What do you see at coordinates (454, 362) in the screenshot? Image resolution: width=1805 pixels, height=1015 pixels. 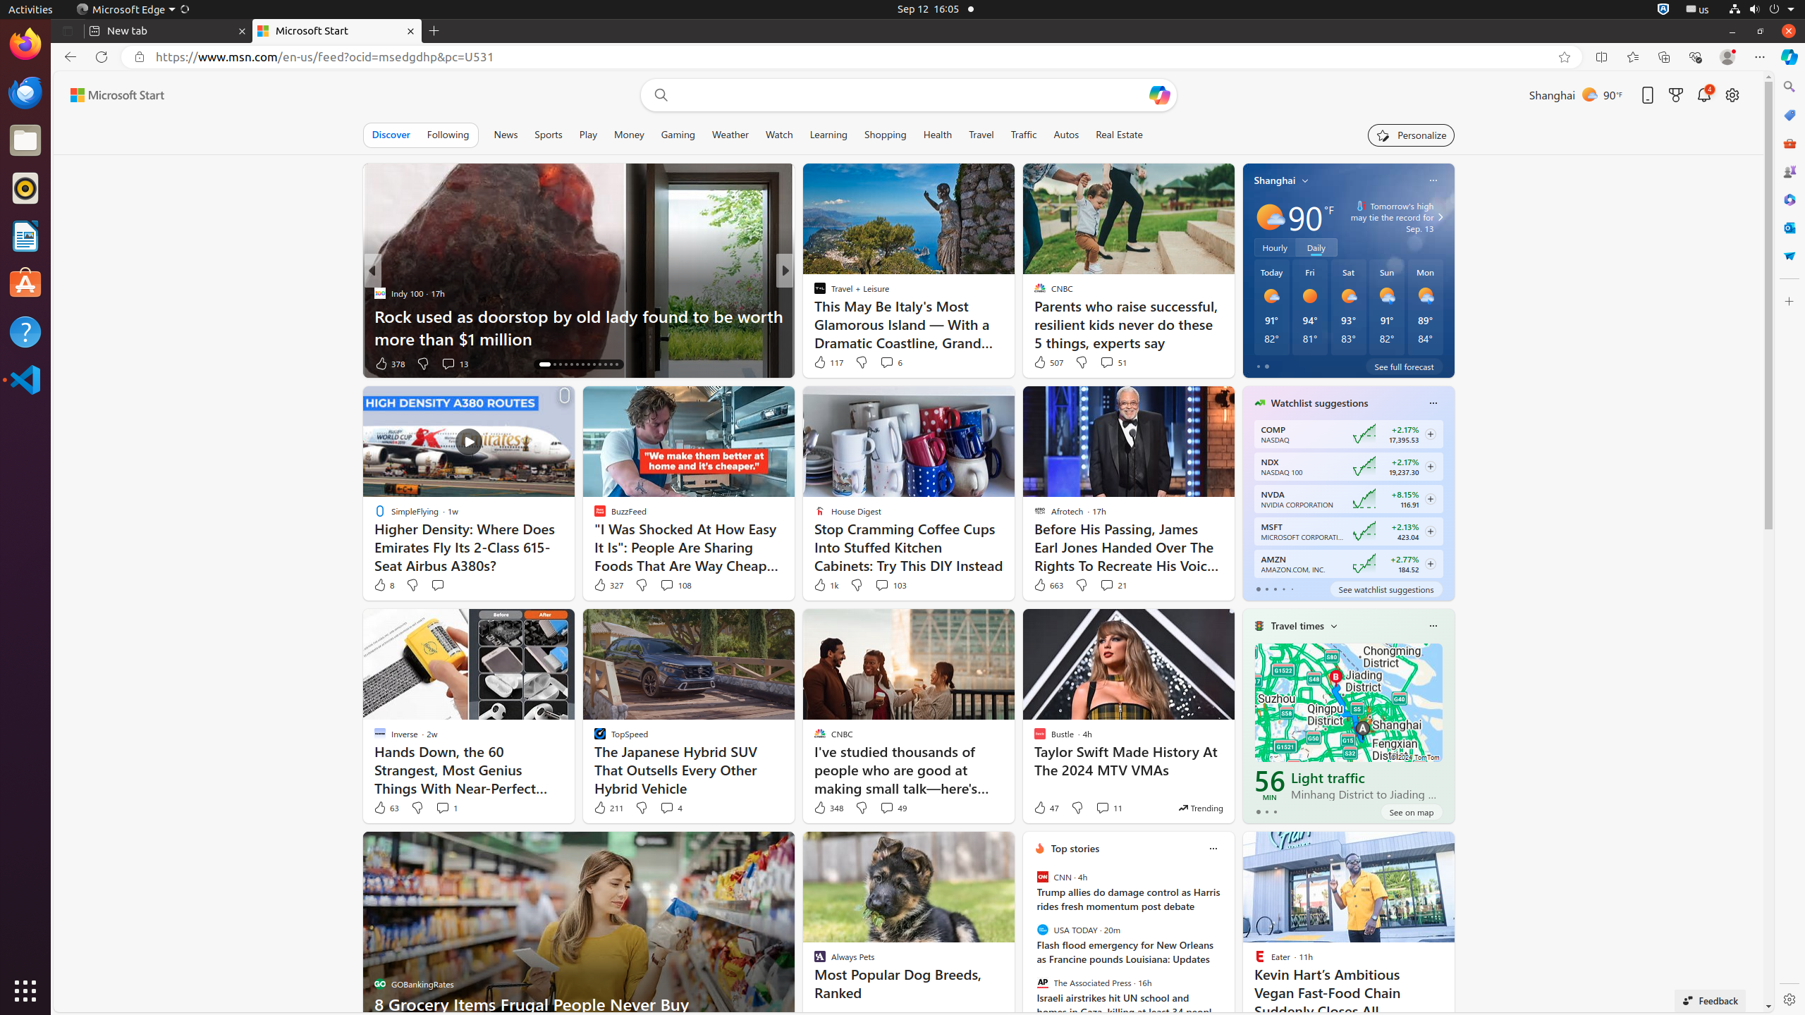 I see `'View comments 13 Comment'` at bounding box center [454, 362].